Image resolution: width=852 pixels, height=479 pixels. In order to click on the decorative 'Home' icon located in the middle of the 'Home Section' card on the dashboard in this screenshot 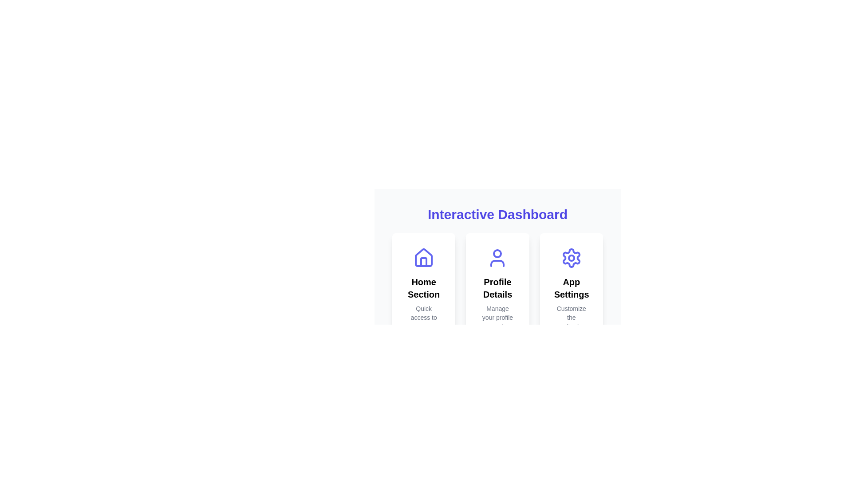, I will do `click(423, 258)`.